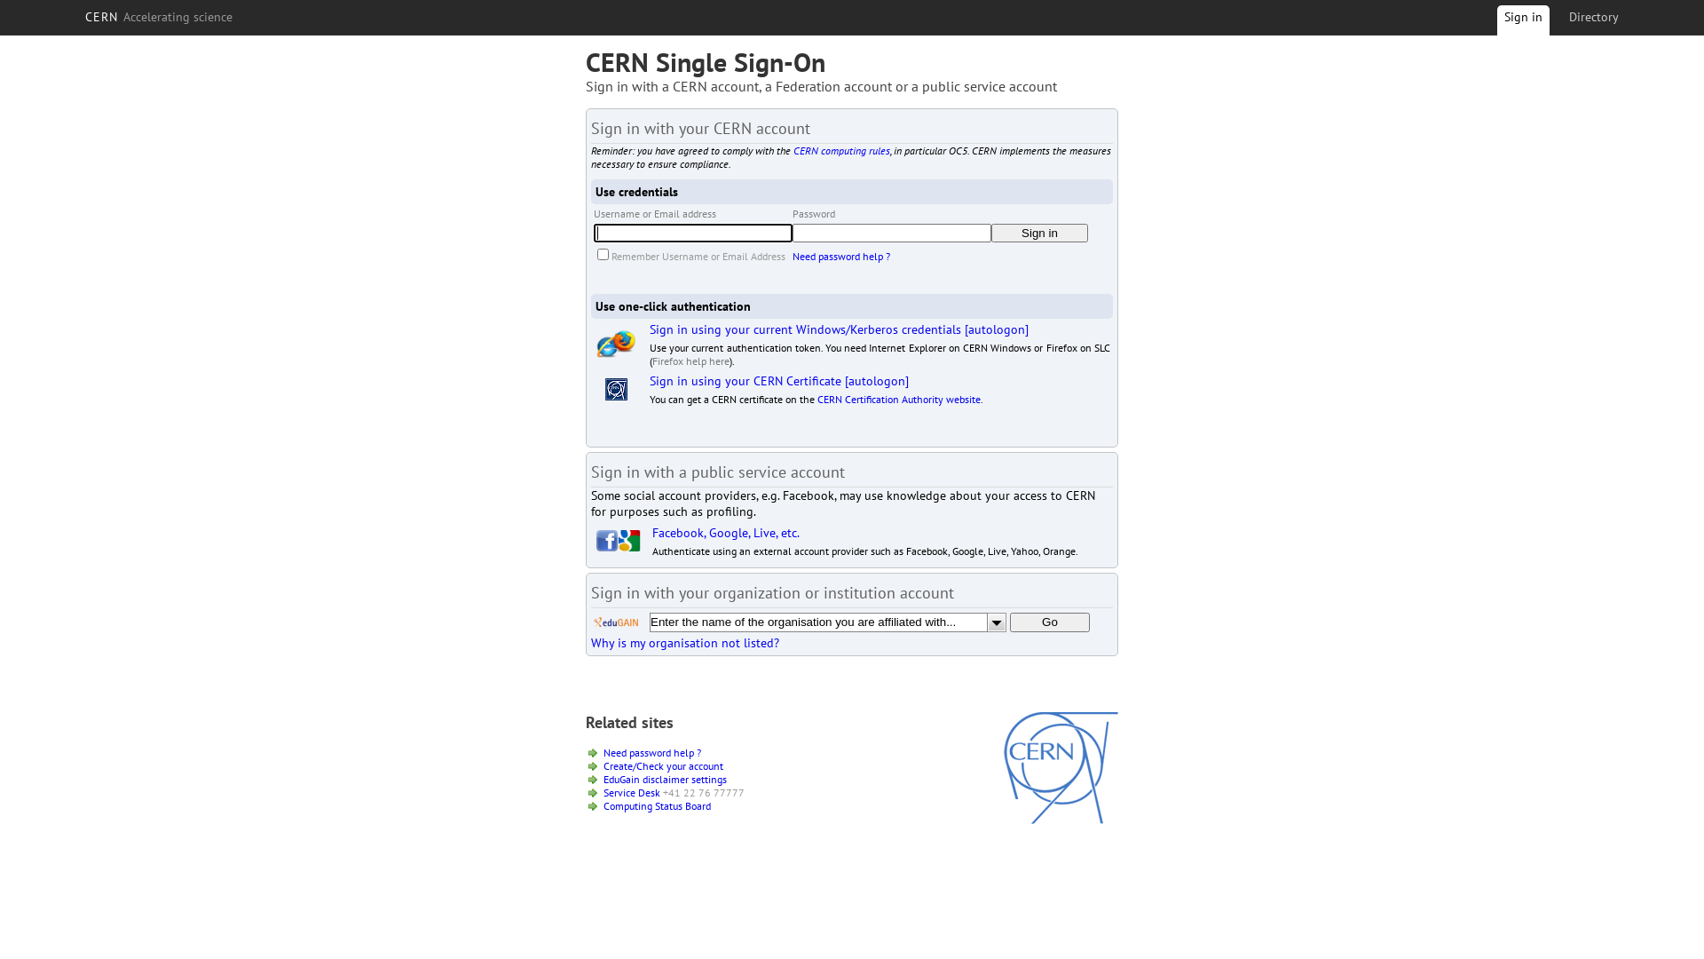 The image size is (1704, 959). What do you see at coordinates (692, 232) in the screenshot?
I see `'Enter your Username or Email Address'` at bounding box center [692, 232].